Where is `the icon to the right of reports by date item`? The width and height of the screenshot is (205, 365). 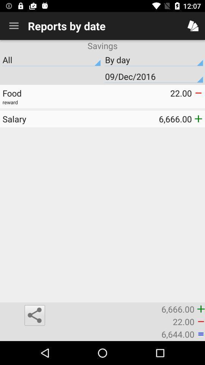 the icon to the right of reports by date item is located at coordinates (193, 26).